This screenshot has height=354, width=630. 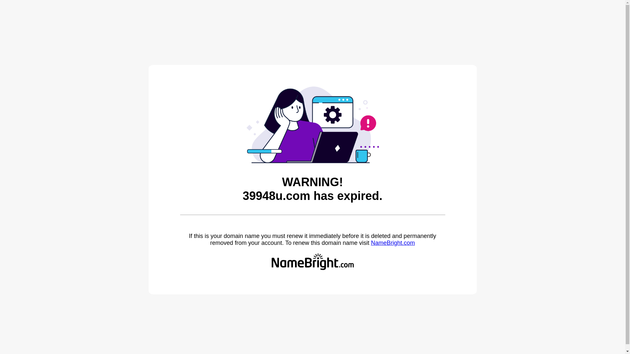 What do you see at coordinates (392, 243) in the screenshot?
I see `'NameBright.com'` at bounding box center [392, 243].